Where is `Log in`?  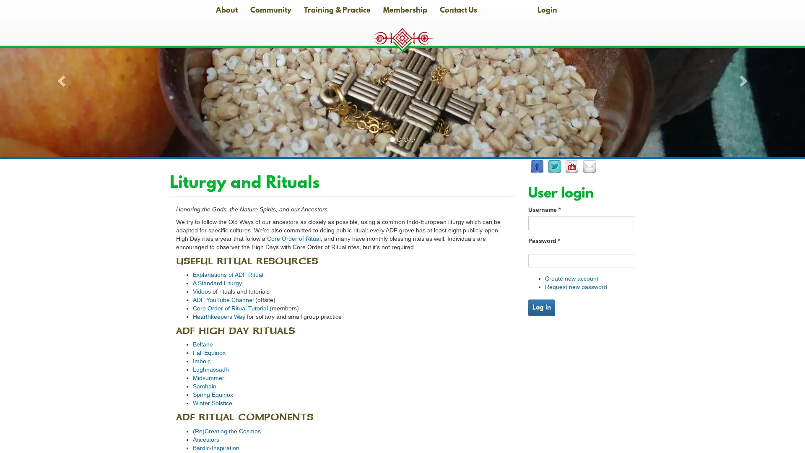
Log in is located at coordinates (541, 307).